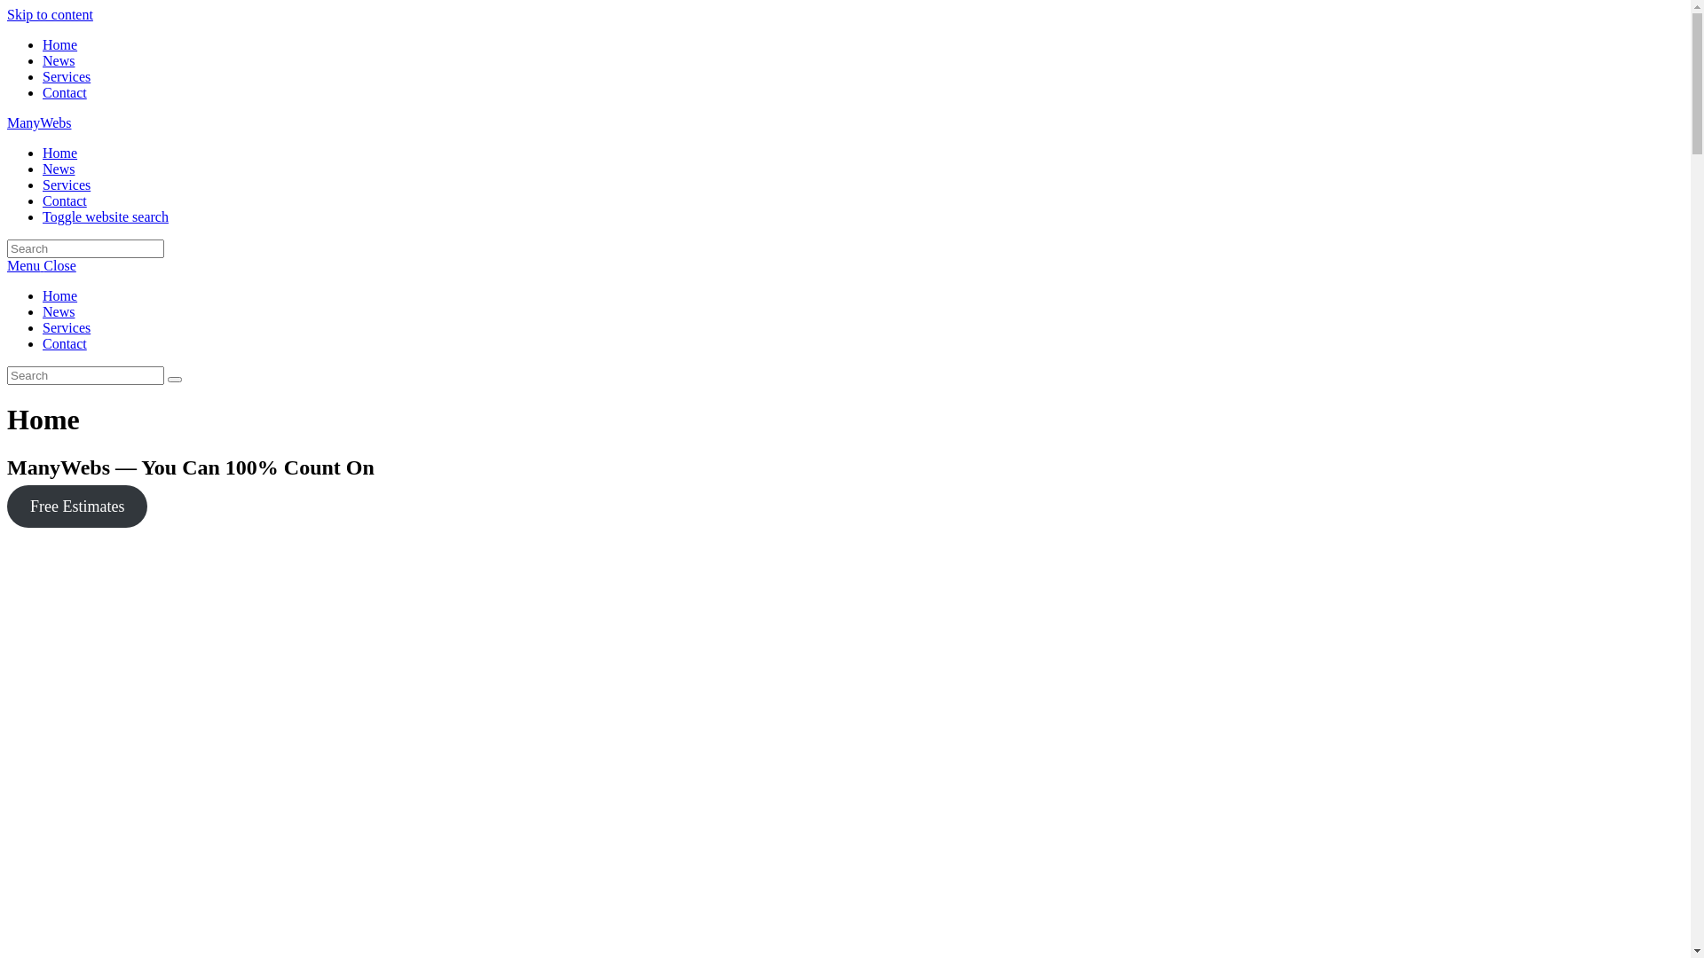 This screenshot has width=1704, height=958. What do you see at coordinates (42, 265) in the screenshot?
I see `'Menu Close'` at bounding box center [42, 265].